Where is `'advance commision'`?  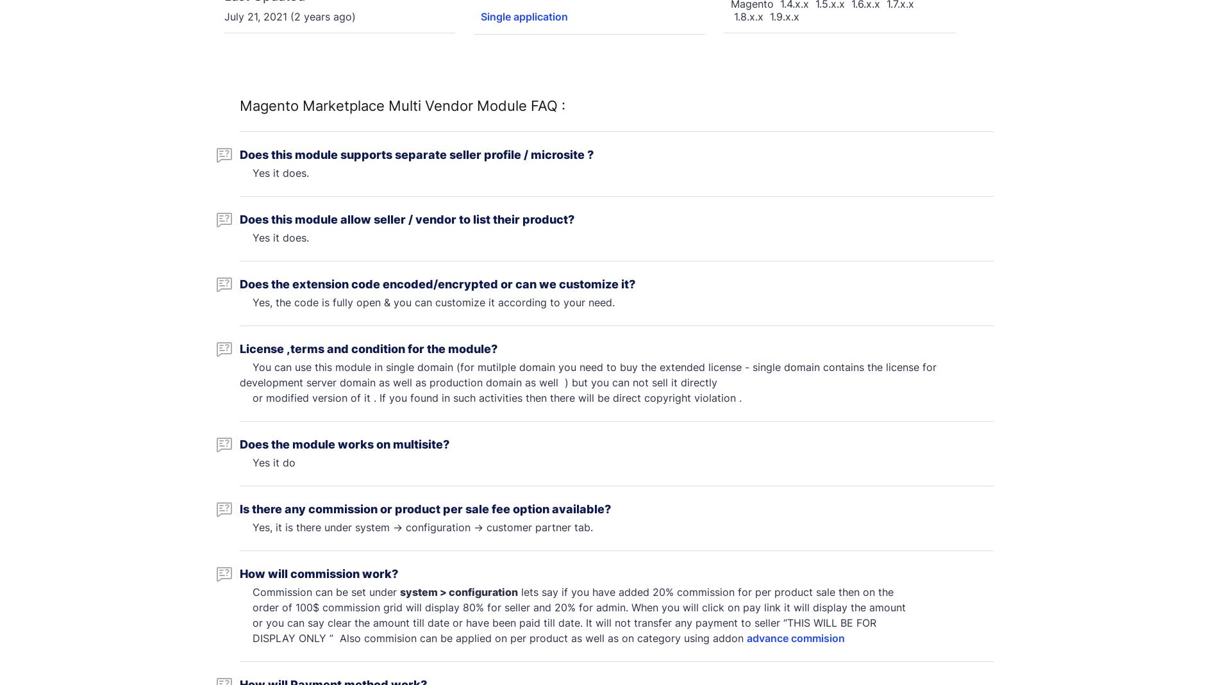 'advance commision' is located at coordinates (796, 638).